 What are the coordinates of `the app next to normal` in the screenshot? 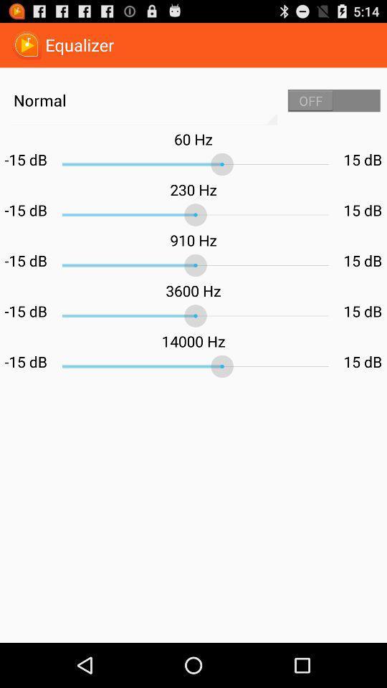 It's located at (334, 100).